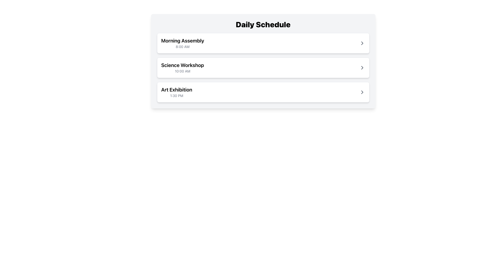  Describe the element at coordinates (177, 95) in the screenshot. I see `the text label indicating the scheduled time for the event titled 'Art Exhibition', located directly beneath the 'Art Exhibition' title` at that location.